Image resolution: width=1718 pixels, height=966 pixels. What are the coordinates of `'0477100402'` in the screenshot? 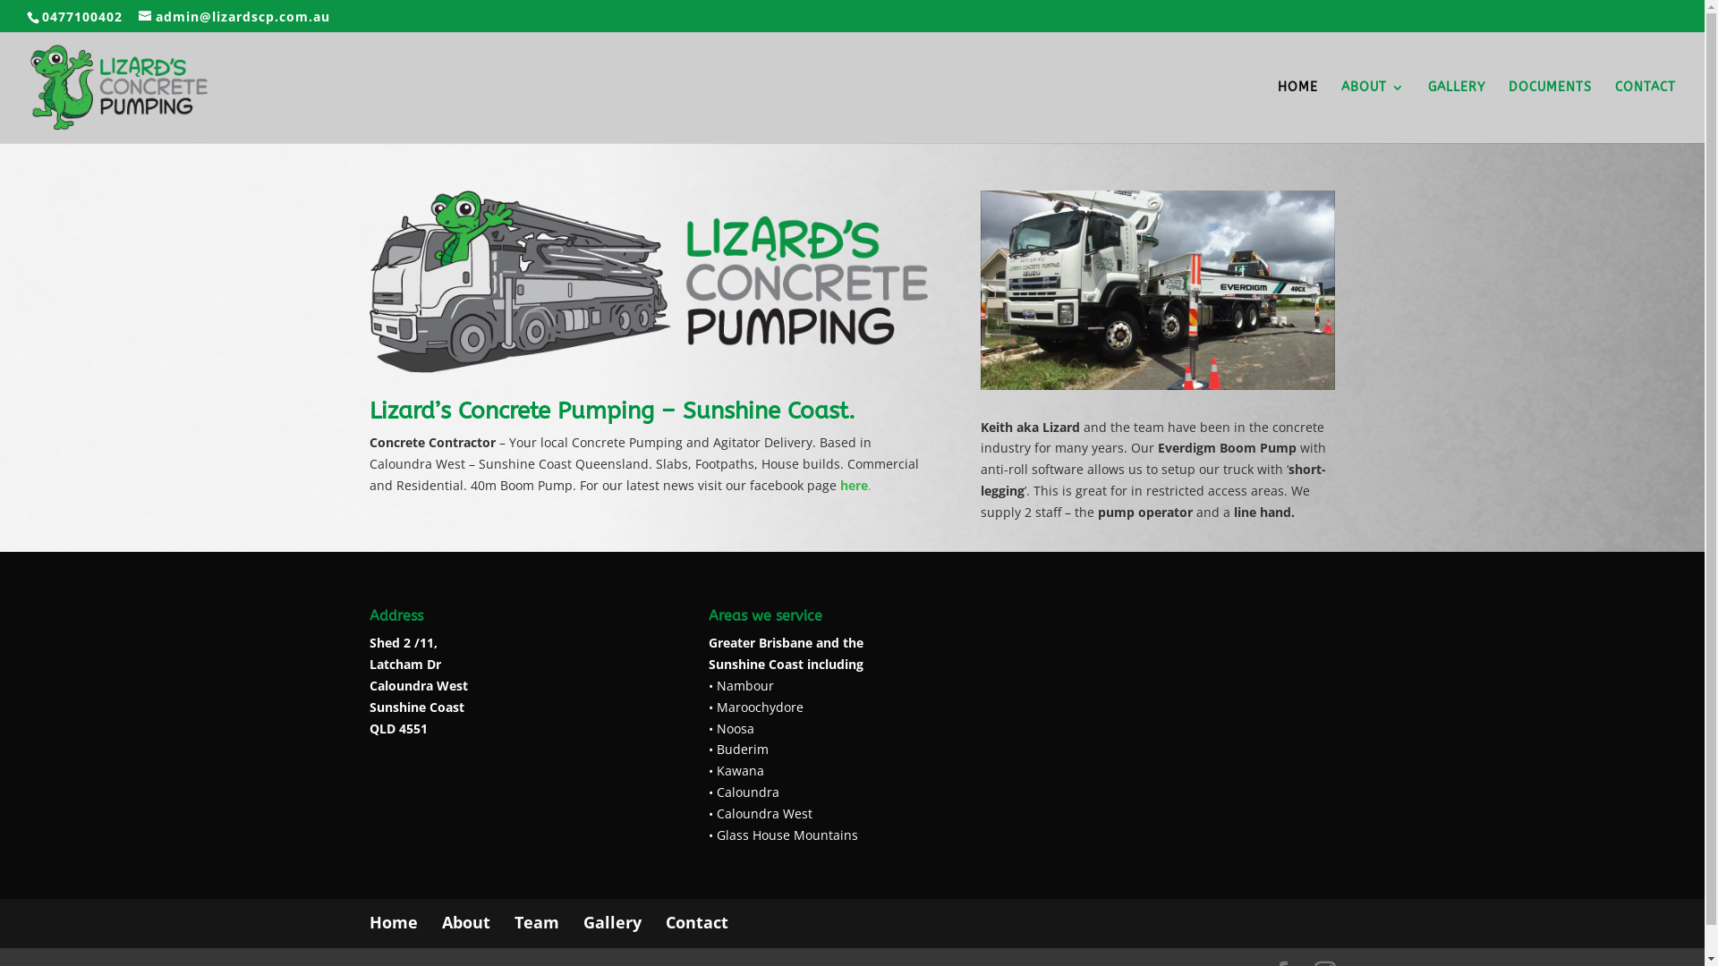 It's located at (81, 15).